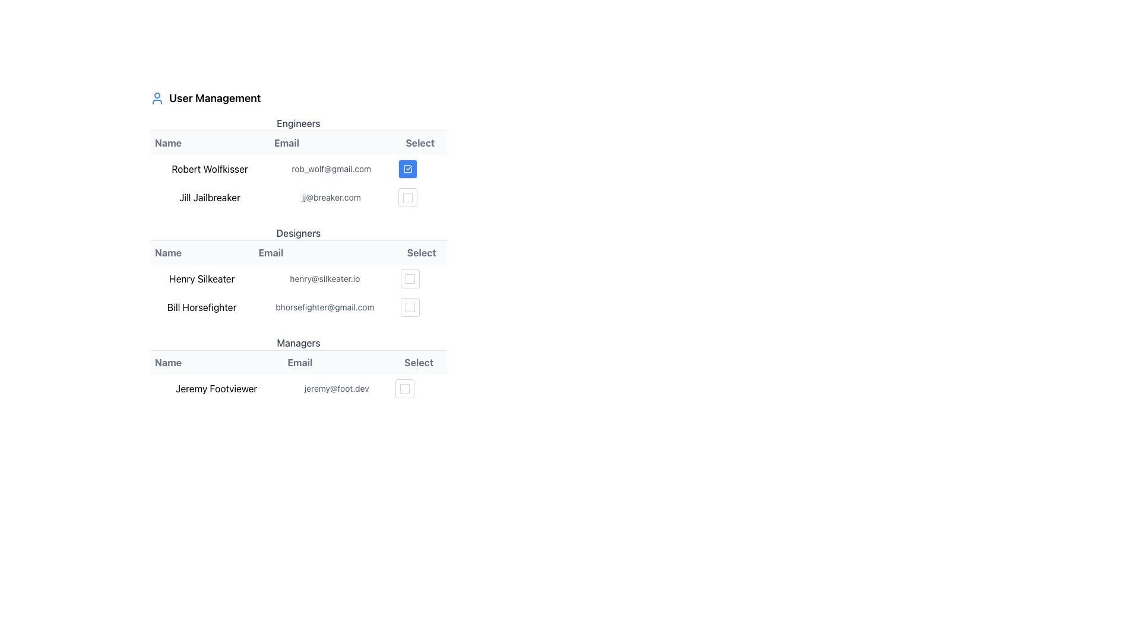 The height and width of the screenshot is (641, 1140). I want to click on the checkbox with a red square icon in the 'Select' column of the 'Designers' section, corresponding to 'Bill Horsefighter', so click(410, 306).